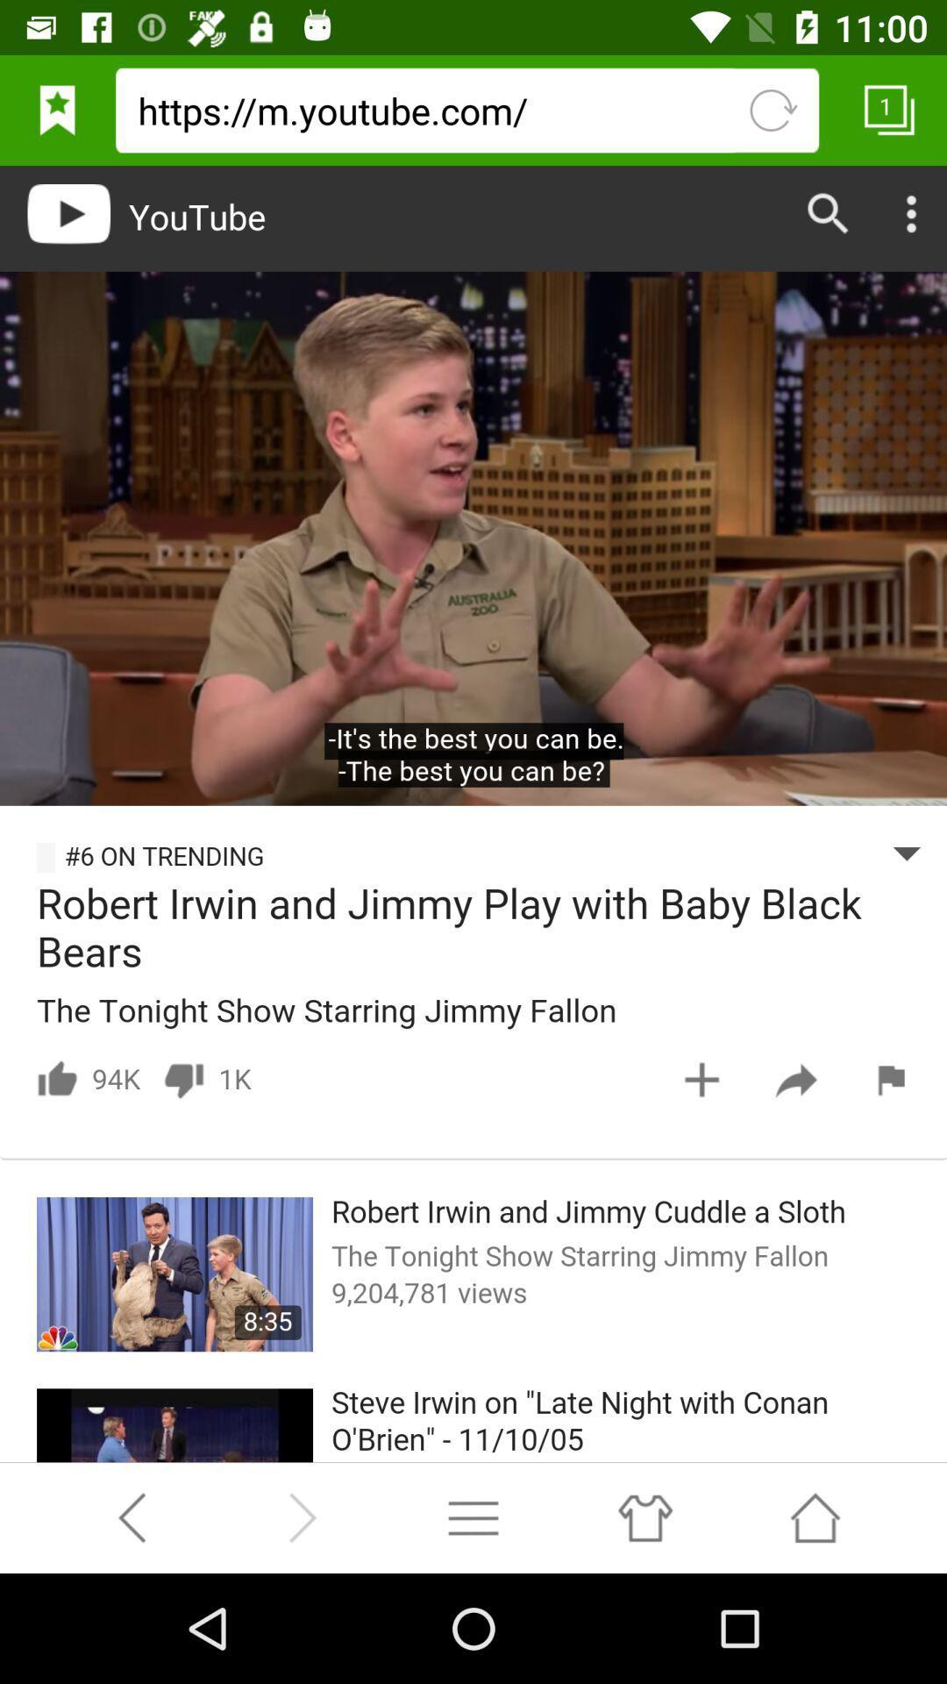 The height and width of the screenshot is (1684, 947). What do you see at coordinates (56, 117) in the screenshot?
I see `the bookmark icon` at bounding box center [56, 117].